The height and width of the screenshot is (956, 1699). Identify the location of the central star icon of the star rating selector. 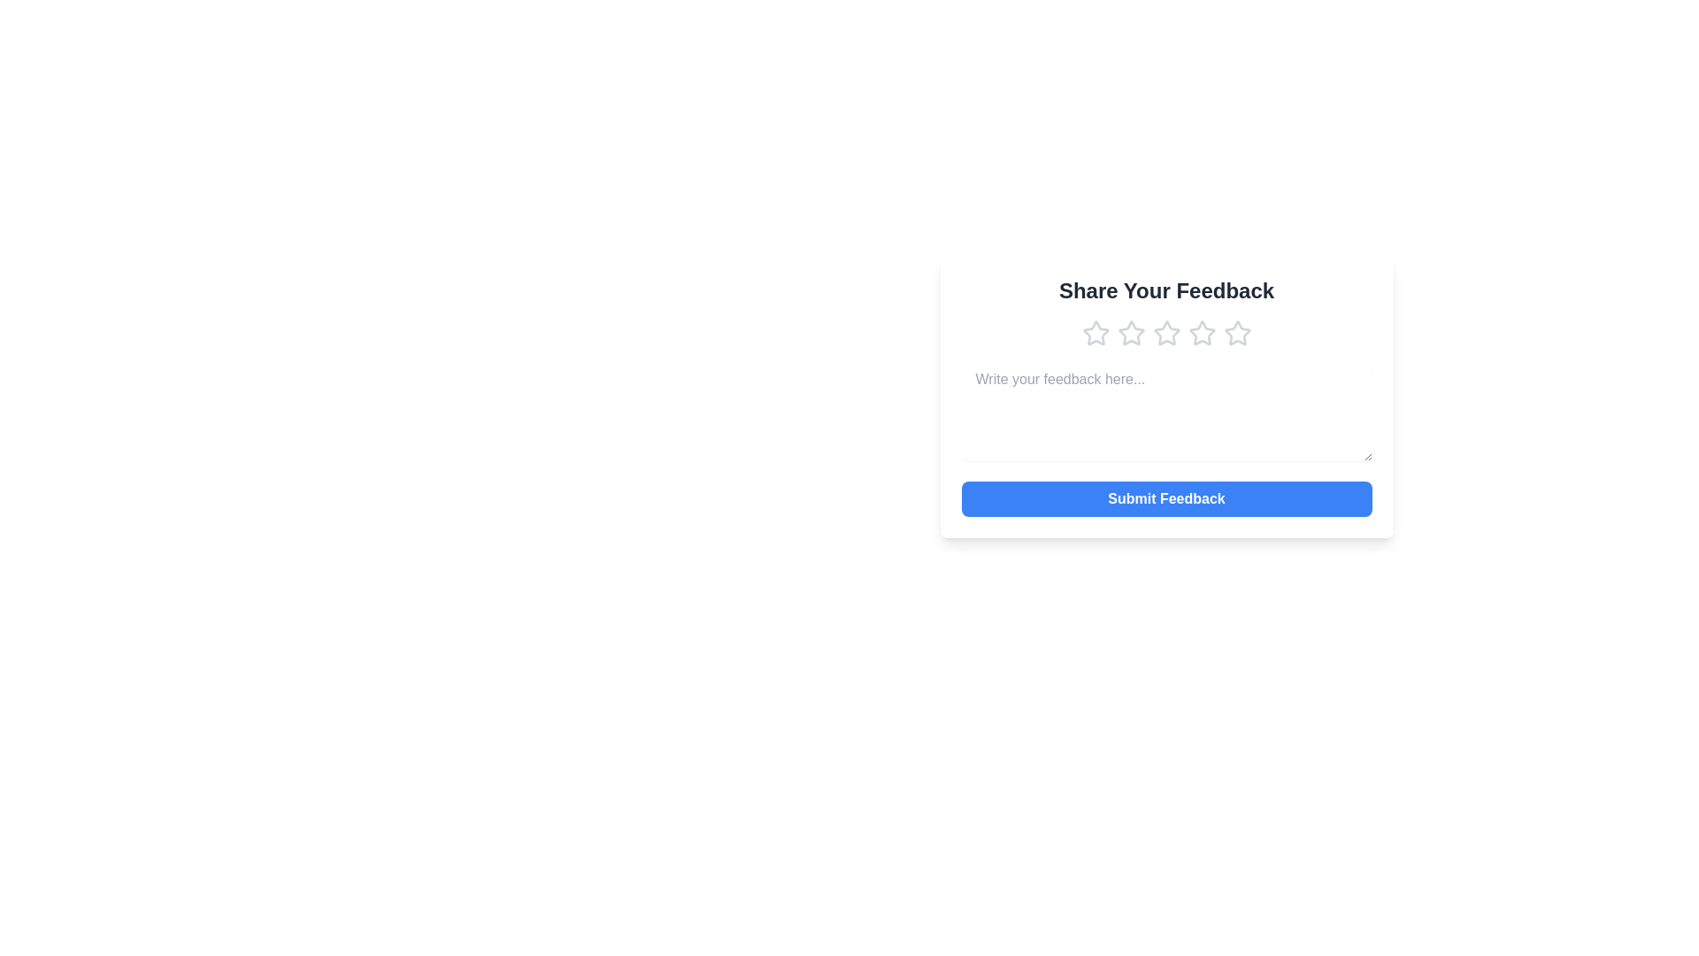
(1166, 334).